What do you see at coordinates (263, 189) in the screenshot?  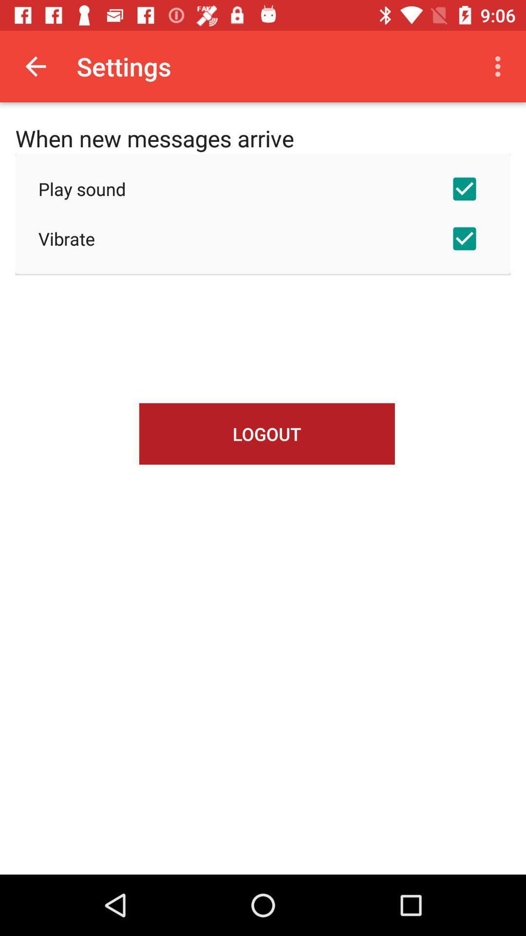 I see `the play sound` at bounding box center [263, 189].